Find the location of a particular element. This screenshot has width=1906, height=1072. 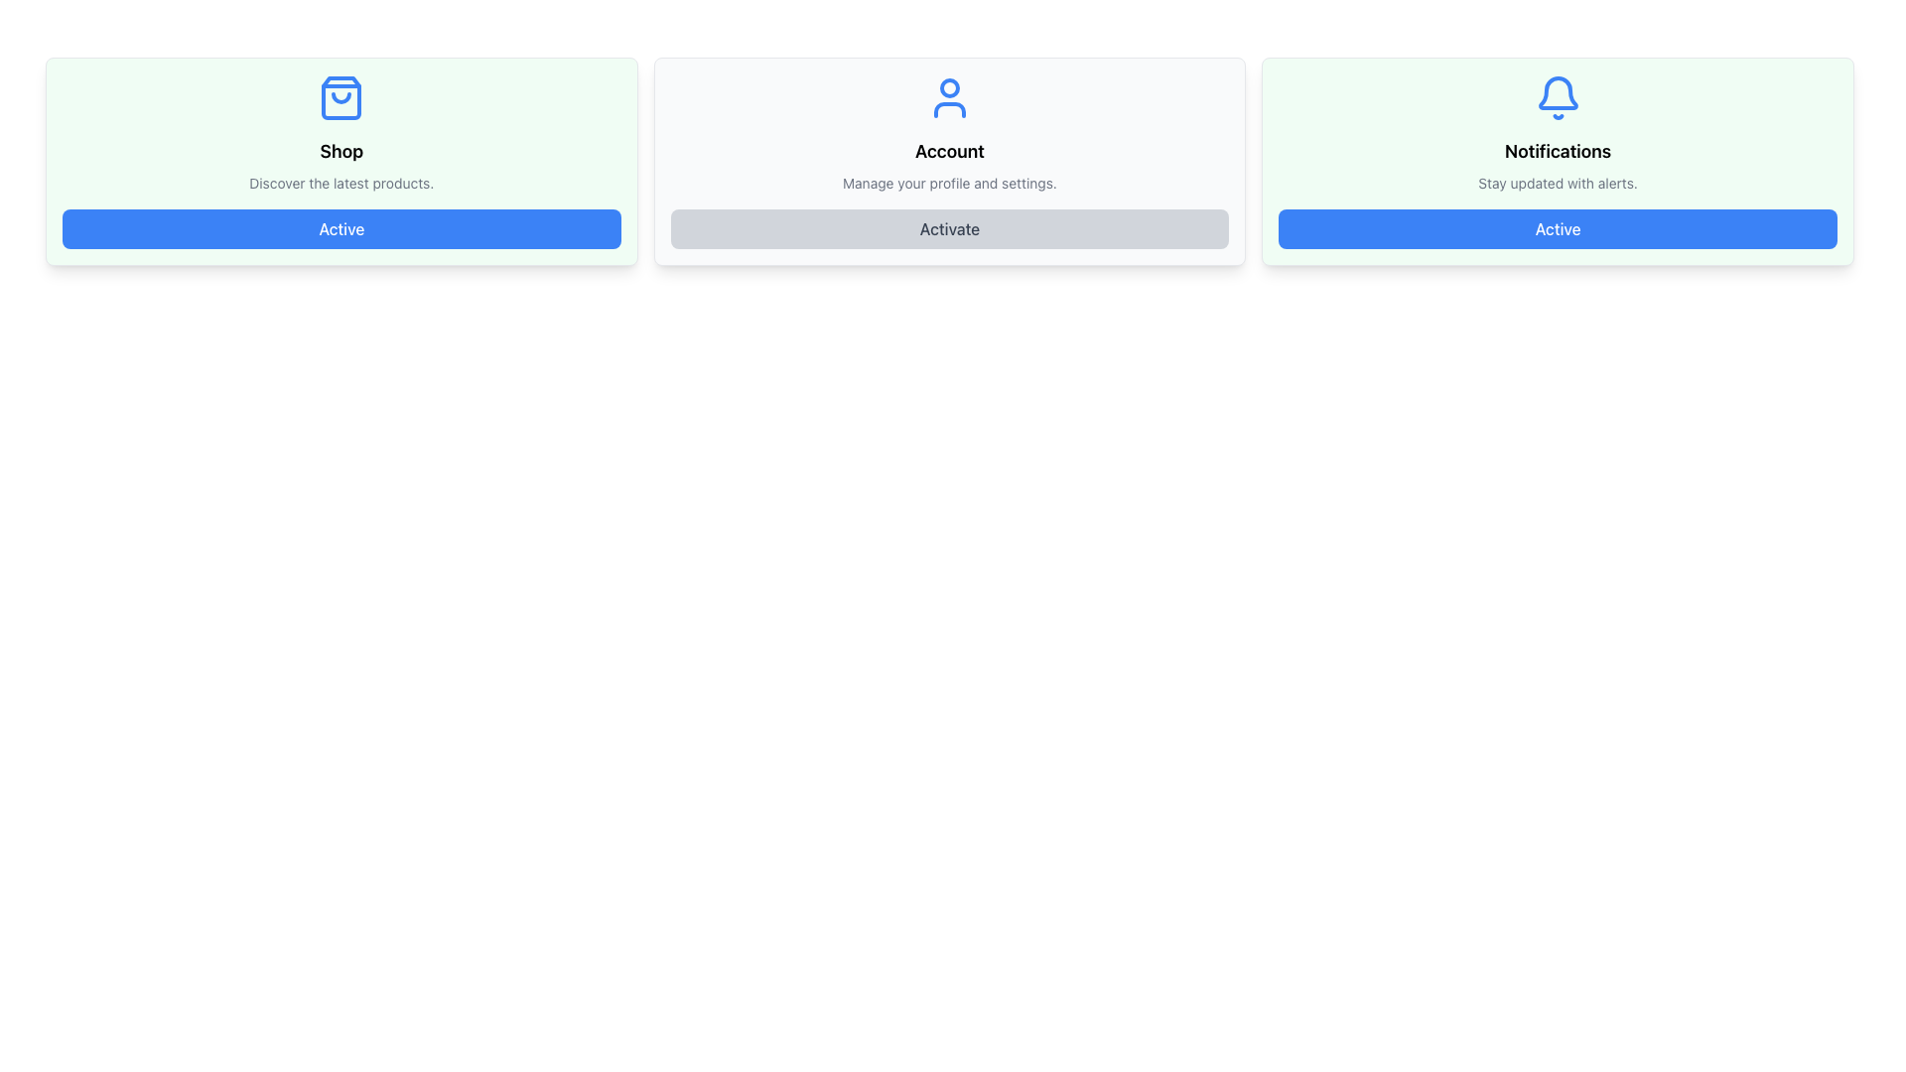

the decorative notification management icon located in the upper third of the rightmost card on the page is located at coordinates (1557, 98).